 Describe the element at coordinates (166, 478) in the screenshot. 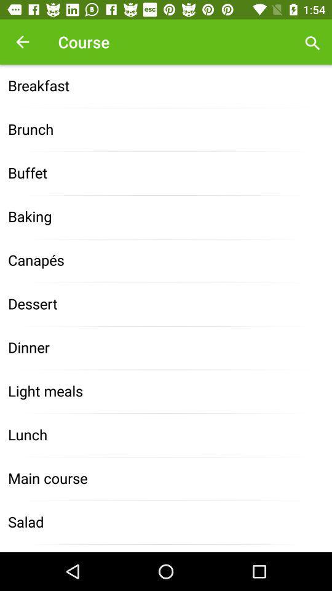

I see `item above the salad` at that location.